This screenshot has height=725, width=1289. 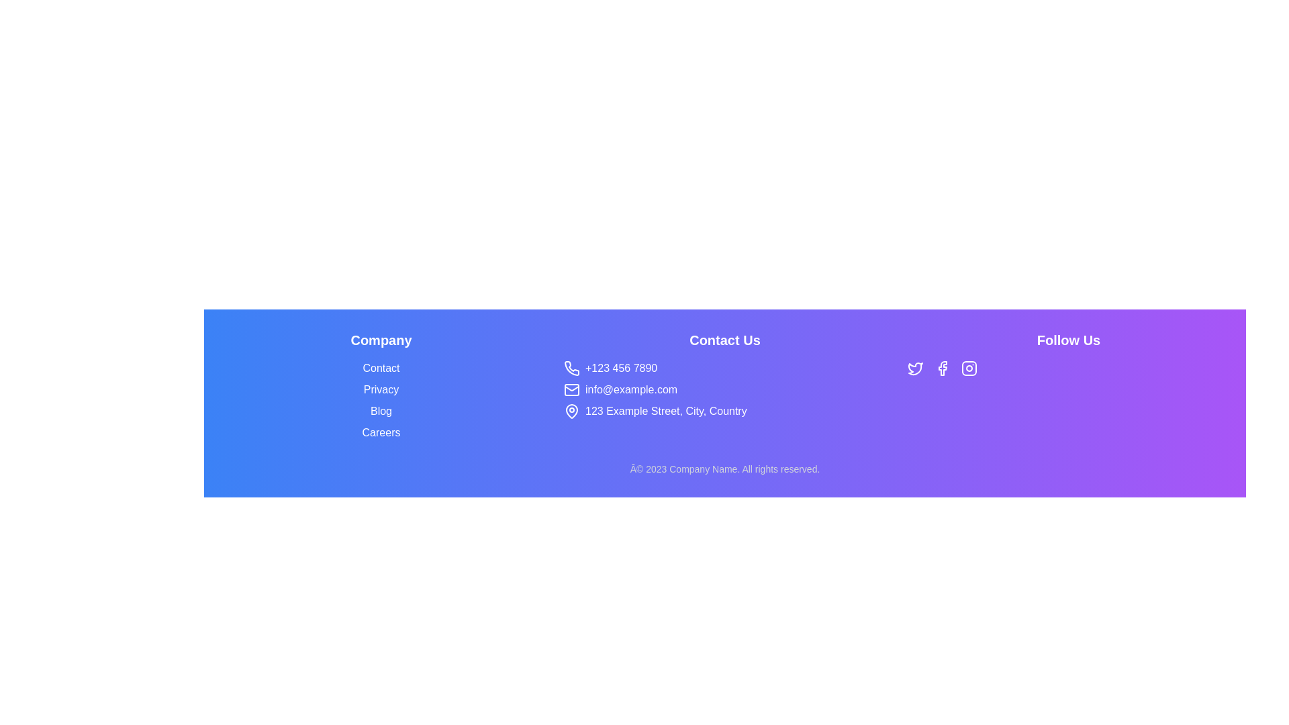 I want to click on the Text Label that serves as a section header located in the leftmost column of a three-column footer layout, directly above the text links 'Contact', 'Privacy', 'Blog', and 'Careers', so click(x=380, y=339).